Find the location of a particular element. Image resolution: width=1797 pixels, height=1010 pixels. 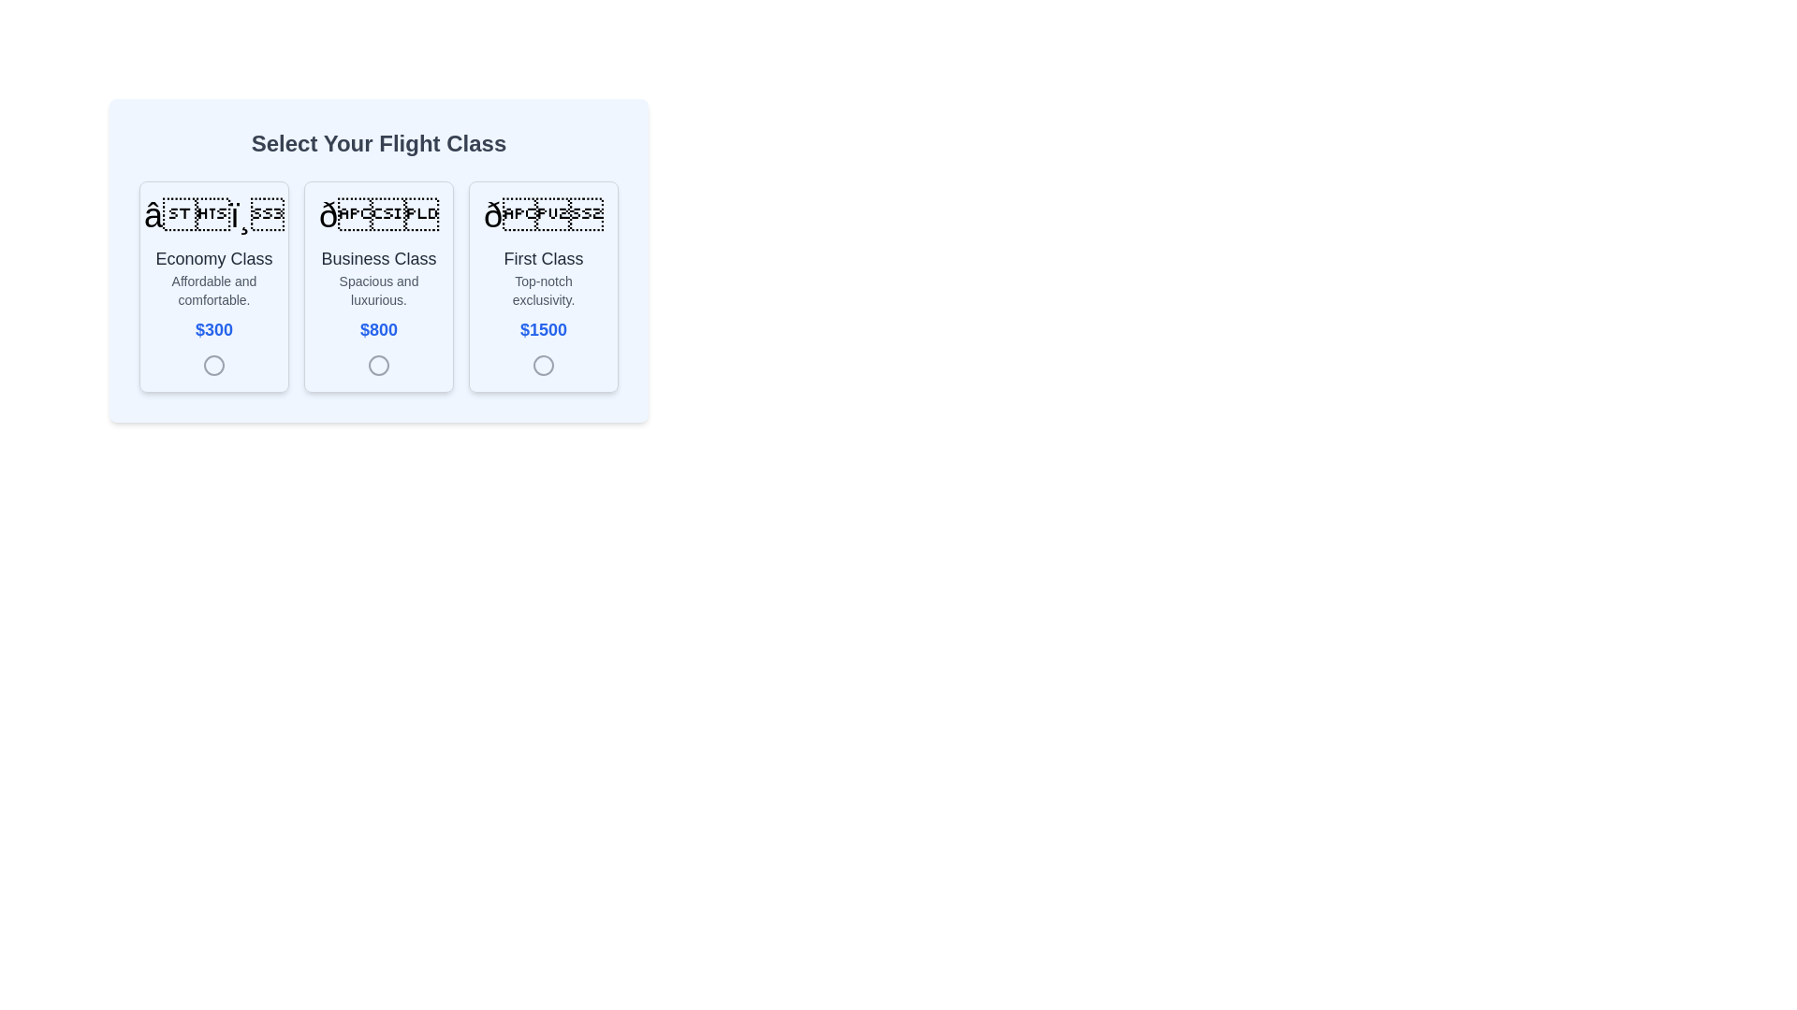

the airplane icon representing 'Economy Class' located at the top section of the leftmost card in a row of three cards is located at coordinates (214, 215).